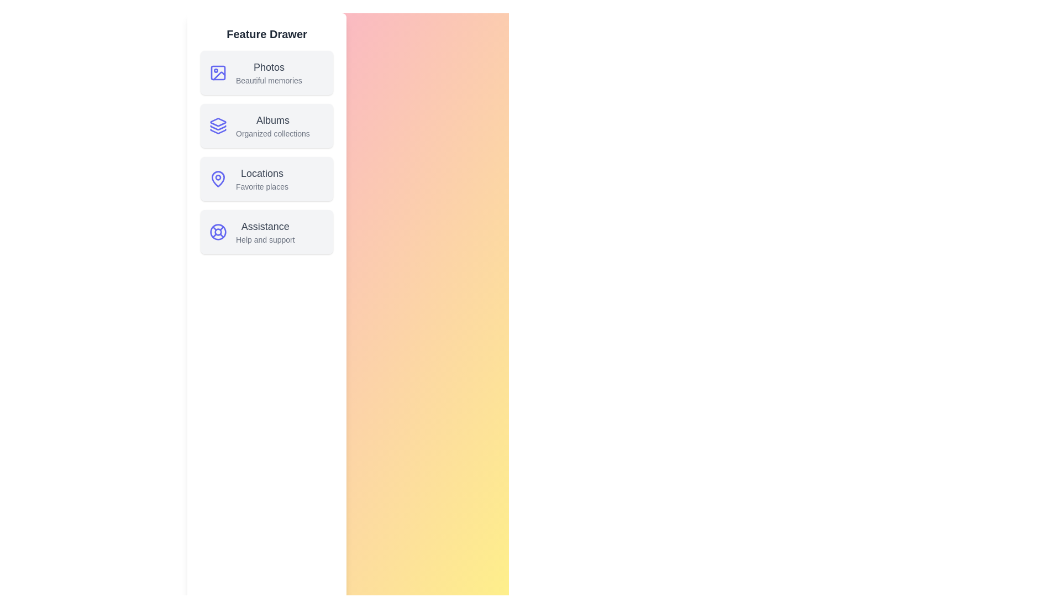 The image size is (1061, 597). What do you see at coordinates (218, 232) in the screenshot?
I see `the icon for Assistance` at bounding box center [218, 232].